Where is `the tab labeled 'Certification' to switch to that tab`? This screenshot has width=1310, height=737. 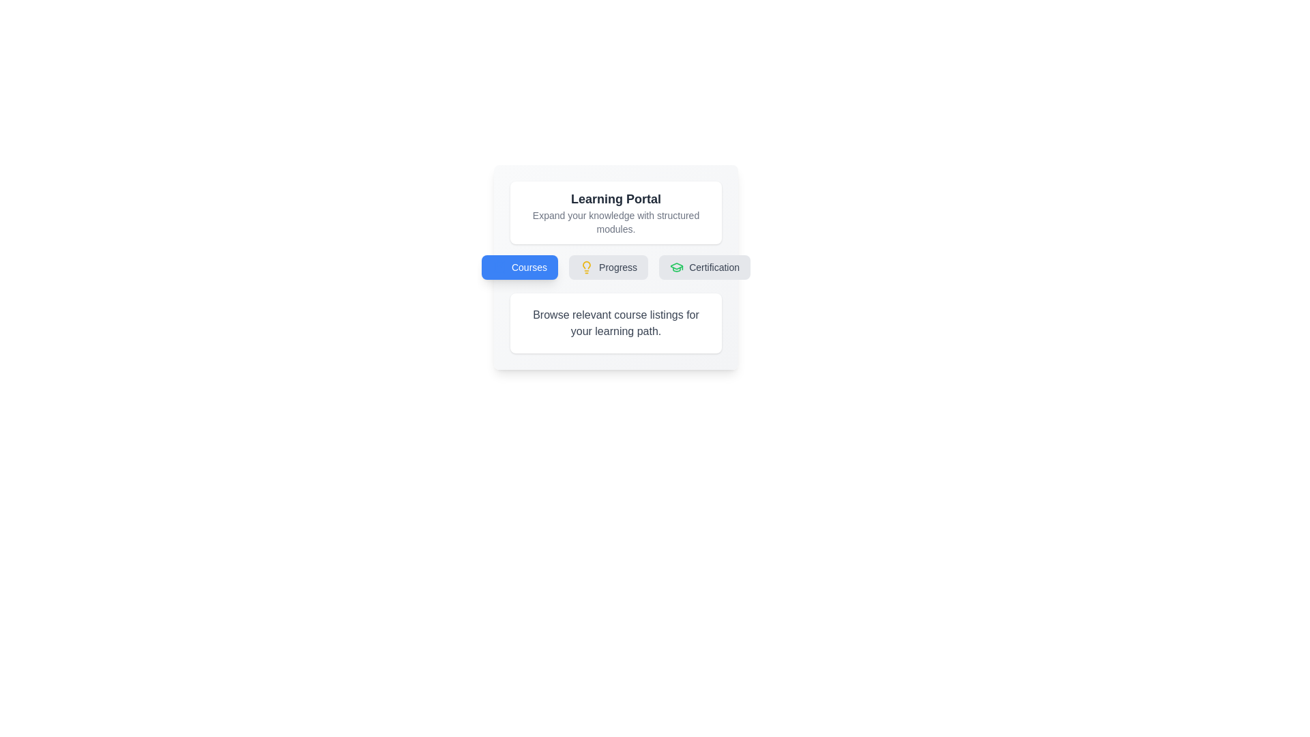 the tab labeled 'Certification' to switch to that tab is located at coordinates (704, 268).